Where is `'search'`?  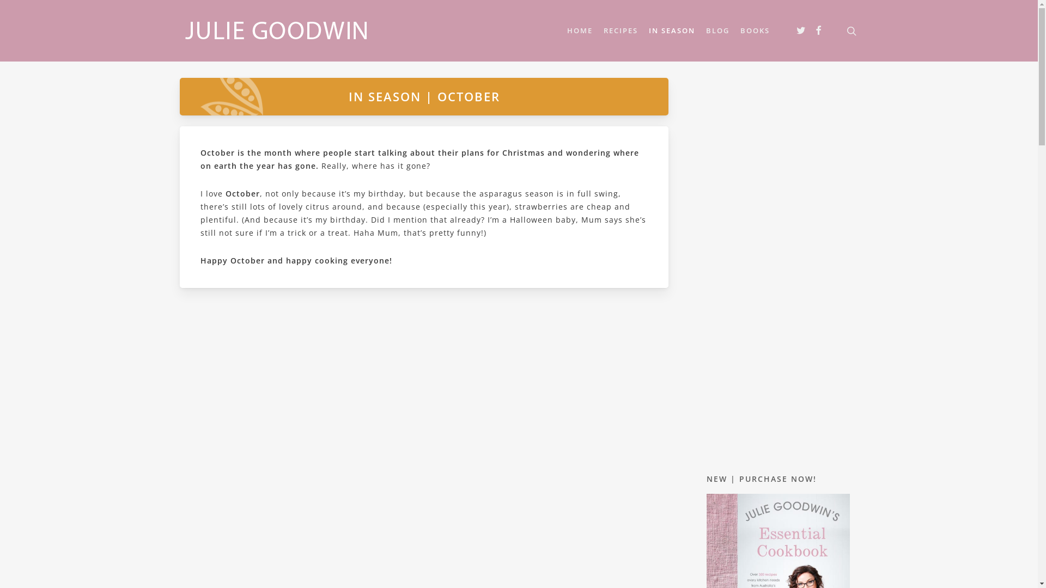 'search' is located at coordinates (844, 30).